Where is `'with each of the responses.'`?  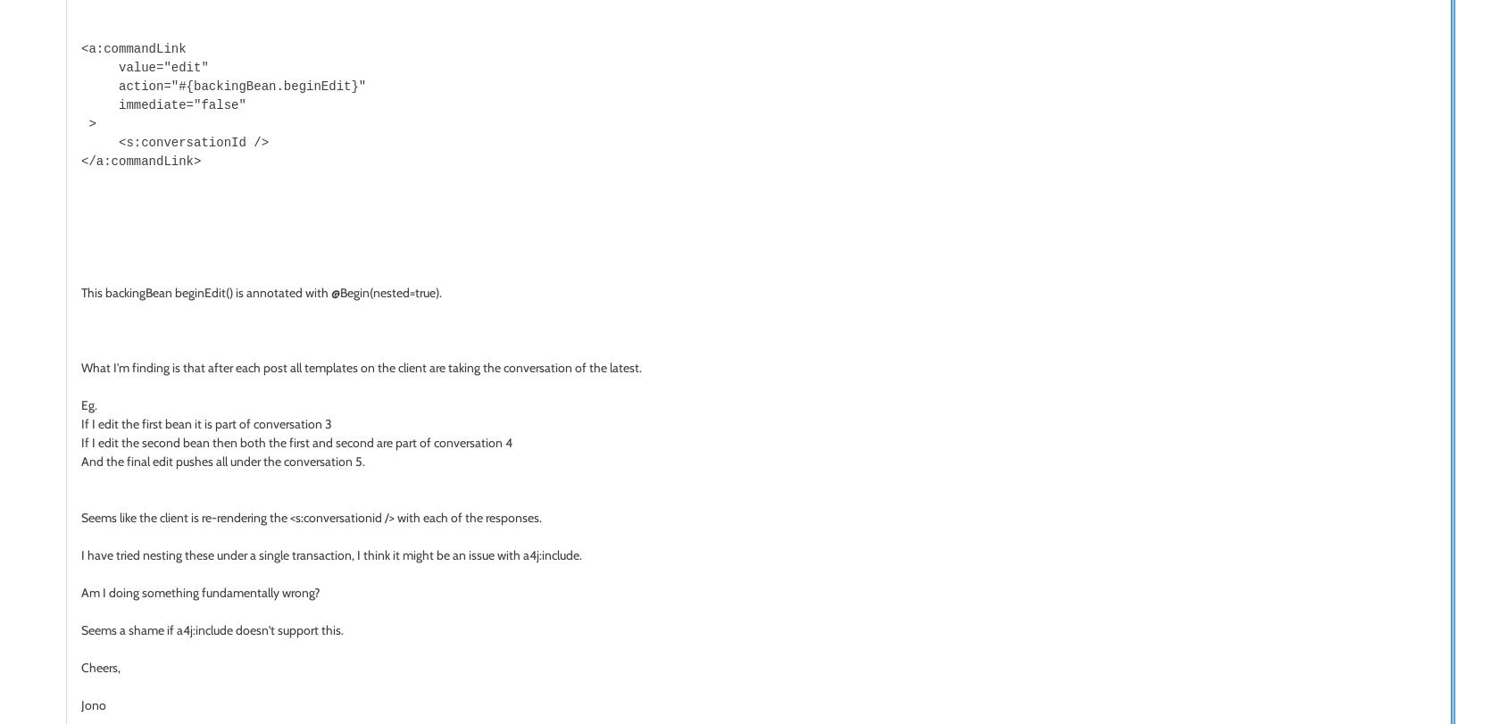 'with each of the responses.' is located at coordinates (468, 515).